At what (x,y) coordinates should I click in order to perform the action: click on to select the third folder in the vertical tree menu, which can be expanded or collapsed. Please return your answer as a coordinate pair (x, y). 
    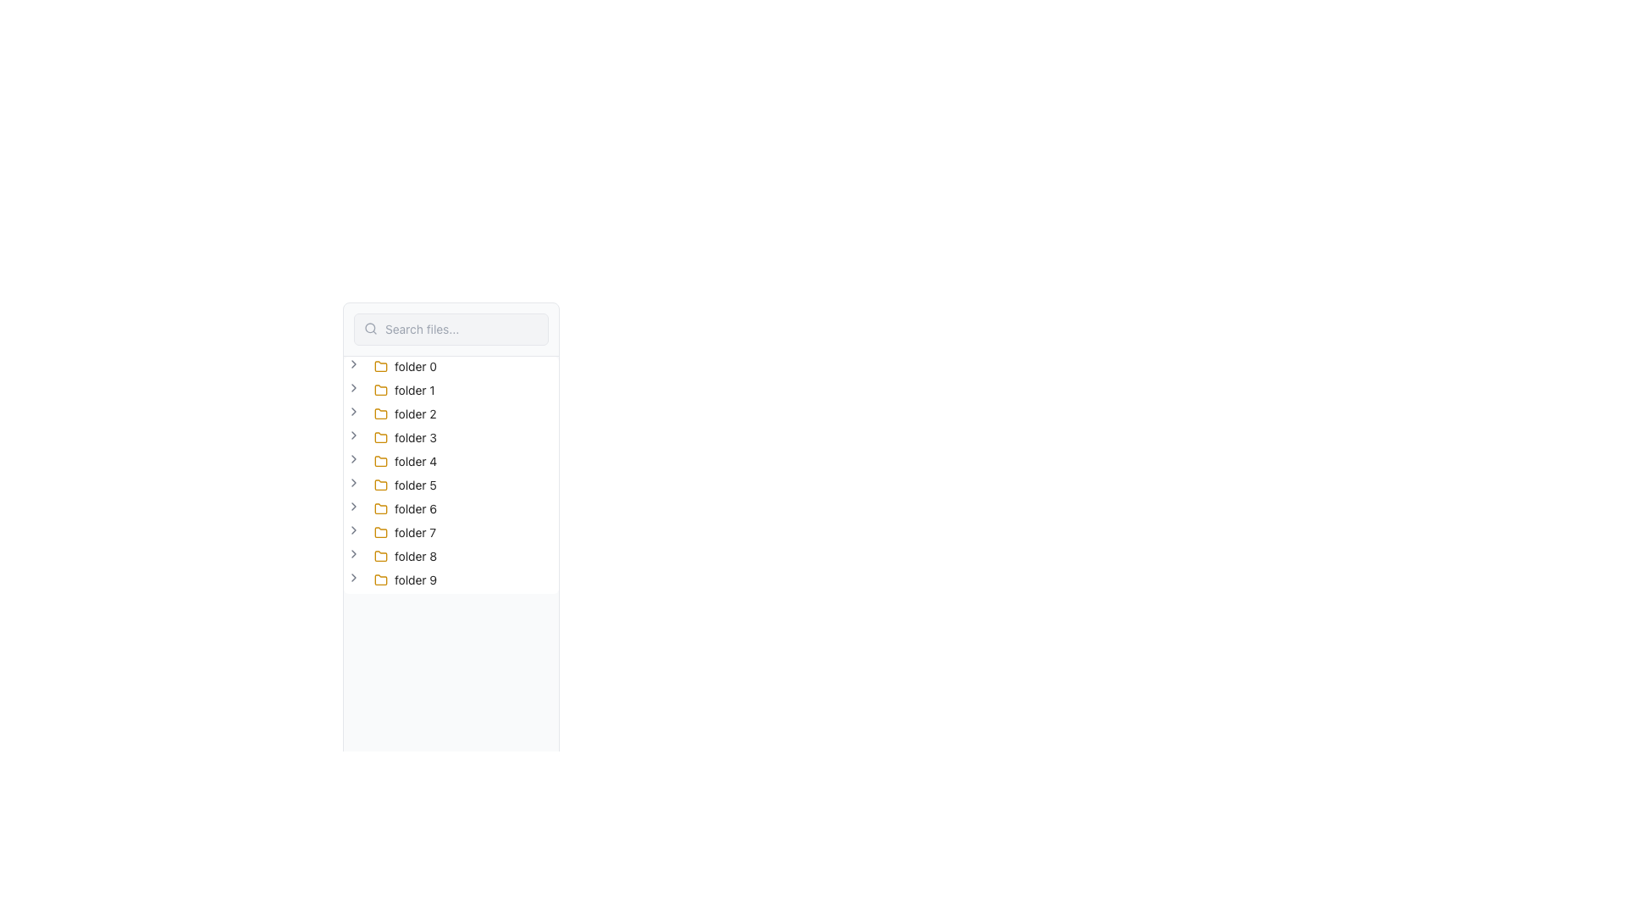
    Looking at the image, I should click on (404, 414).